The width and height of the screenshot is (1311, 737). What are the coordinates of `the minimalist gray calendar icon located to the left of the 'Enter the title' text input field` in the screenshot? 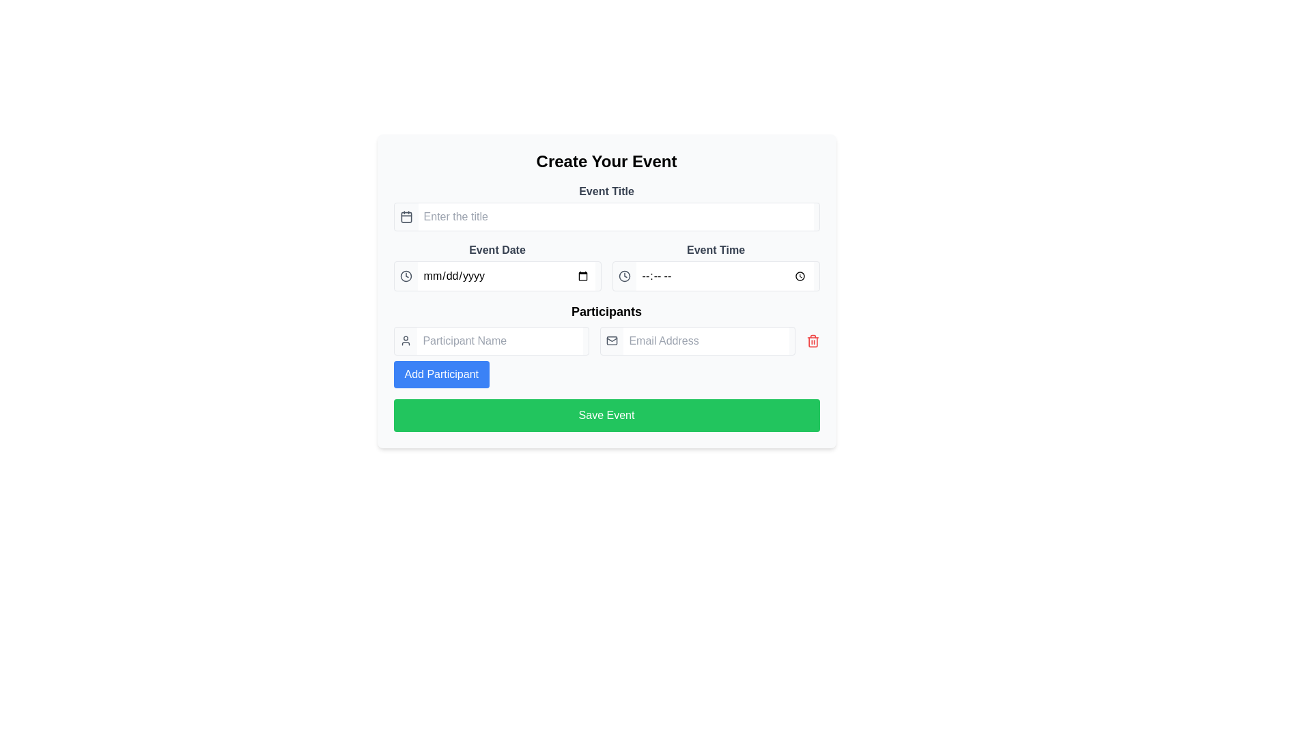 It's located at (406, 216).